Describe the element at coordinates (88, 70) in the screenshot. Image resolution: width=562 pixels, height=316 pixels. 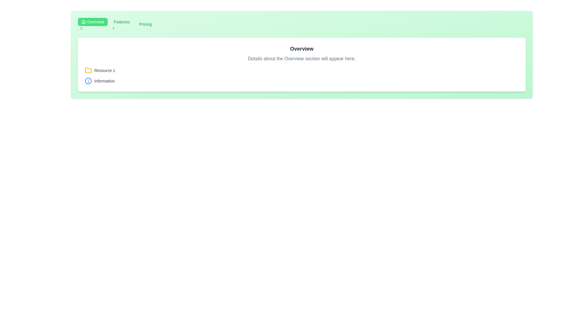
I see `the folder icon located within the 'Resource 1' section` at that location.